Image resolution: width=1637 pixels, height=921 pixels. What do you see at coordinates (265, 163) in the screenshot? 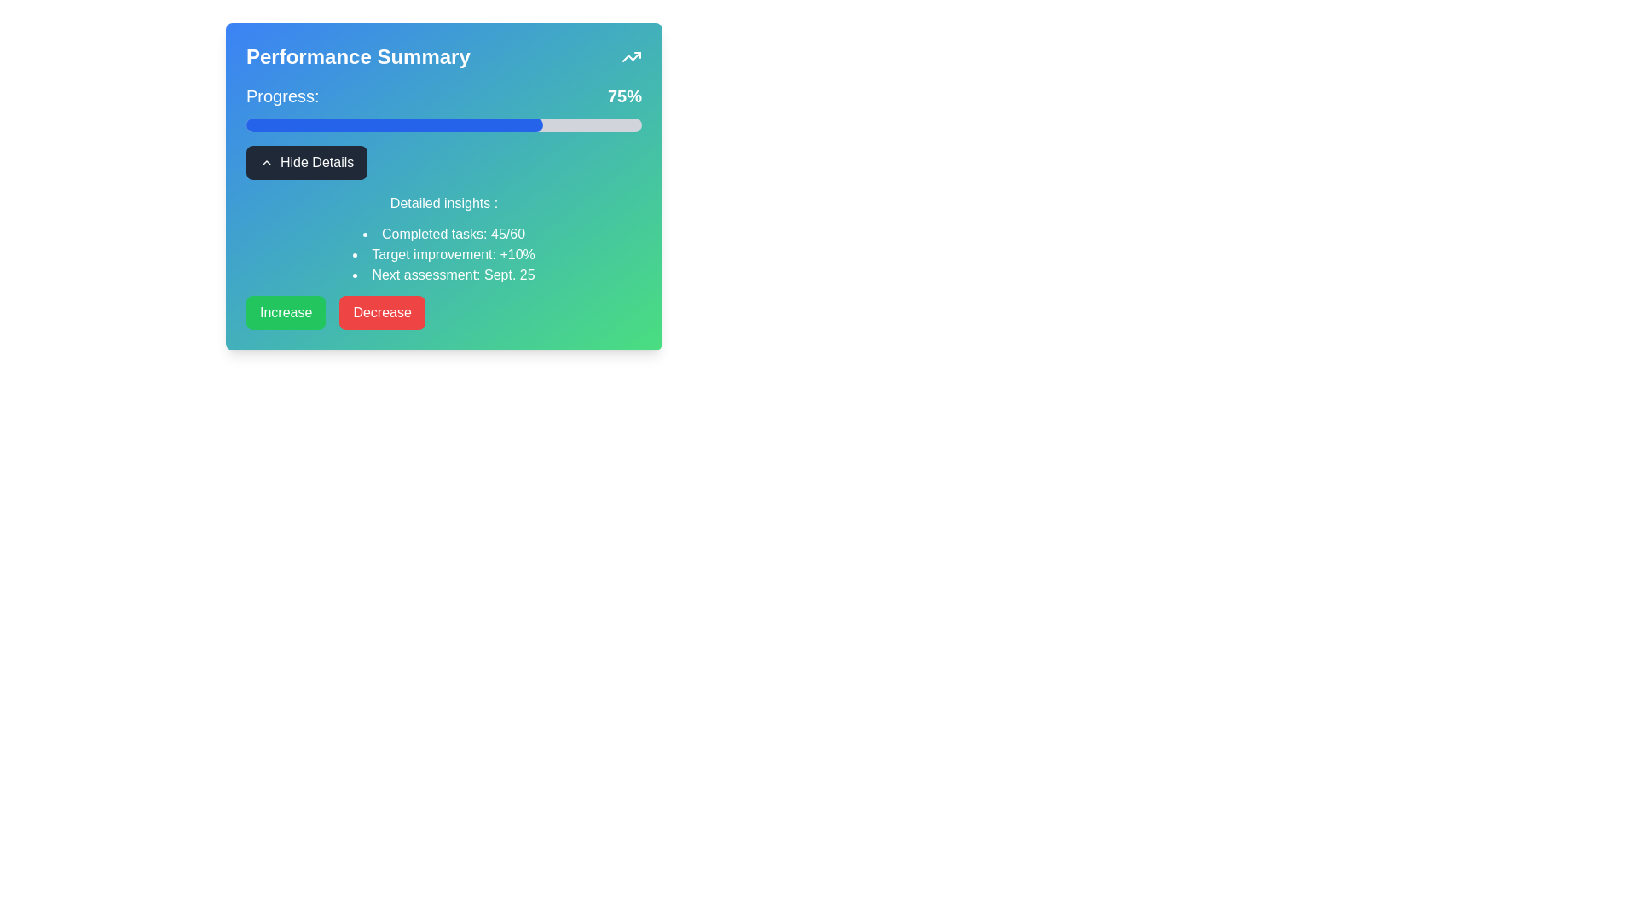
I see `the downward-pointing chevron icon within the 'Hide Details' button` at bounding box center [265, 163].